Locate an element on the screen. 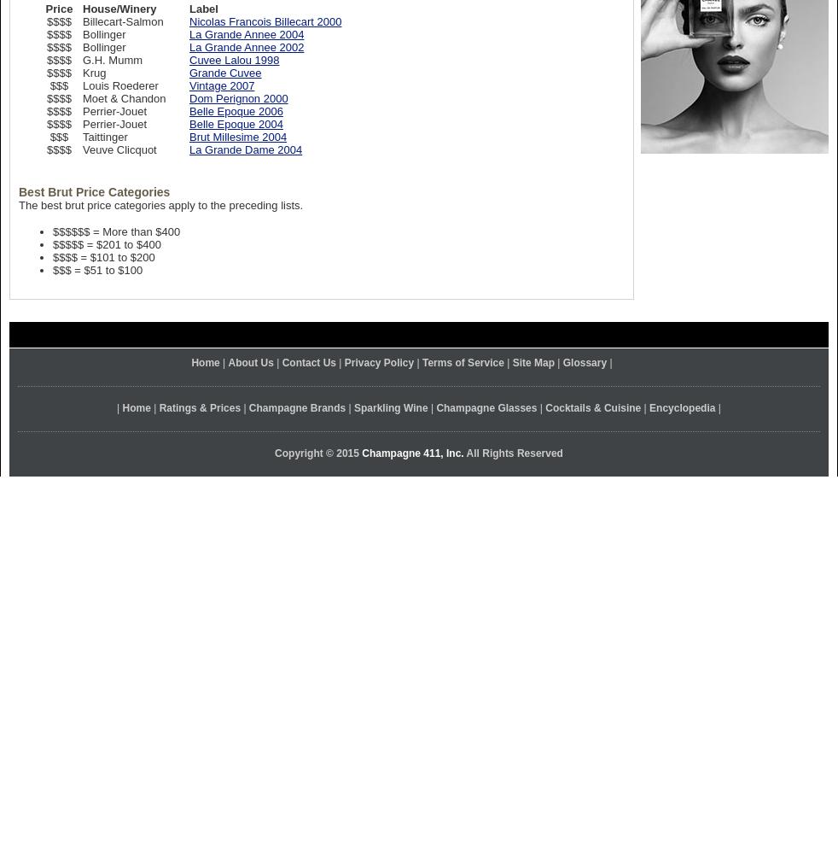 The width and height of the screenshot is (838, 854). '$$$$ = $101 to $200' is located at coordinates (102, 257).